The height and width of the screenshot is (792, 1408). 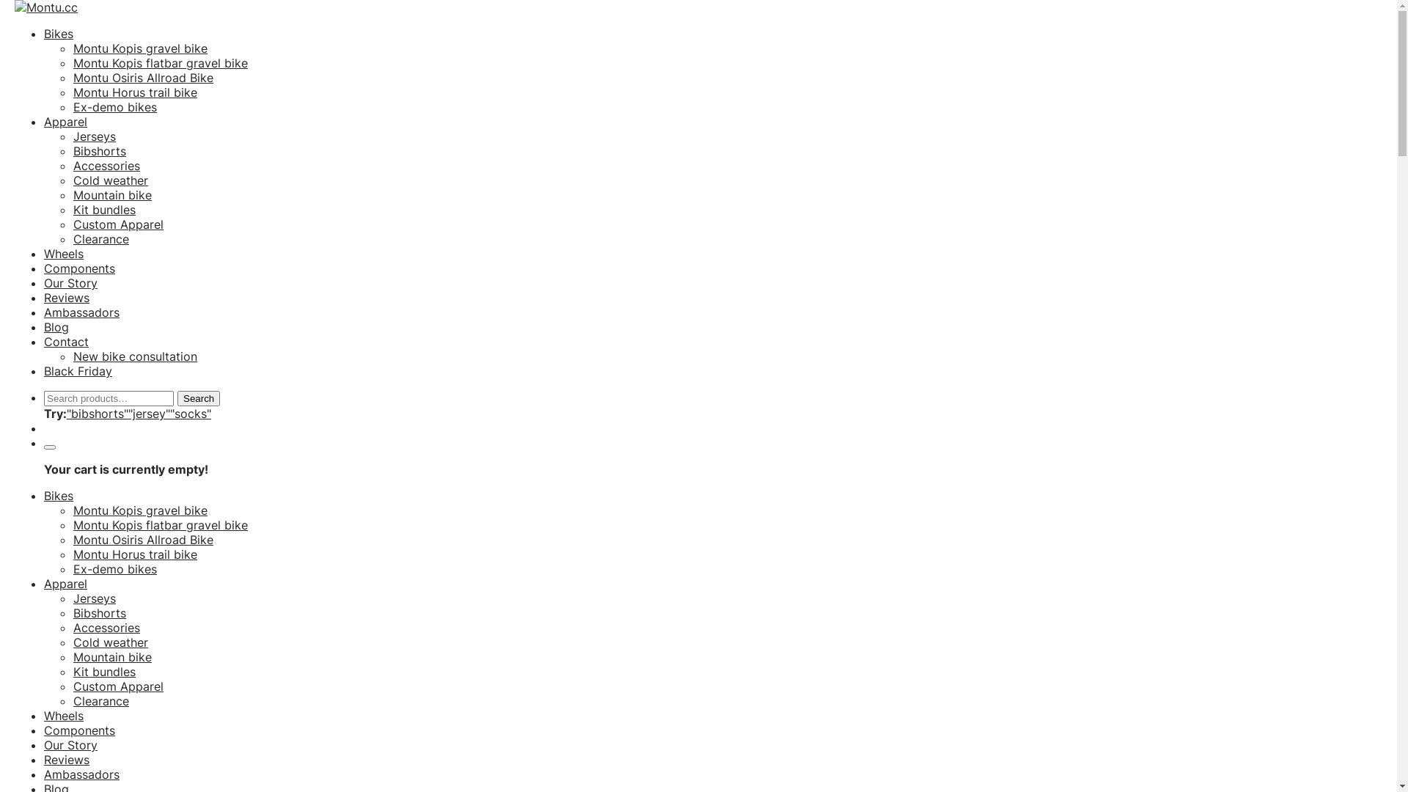 What do you see at coordinates (77, 370) in the screenshot?
I see `'Black Friday'` at bounding box center [77, 370].